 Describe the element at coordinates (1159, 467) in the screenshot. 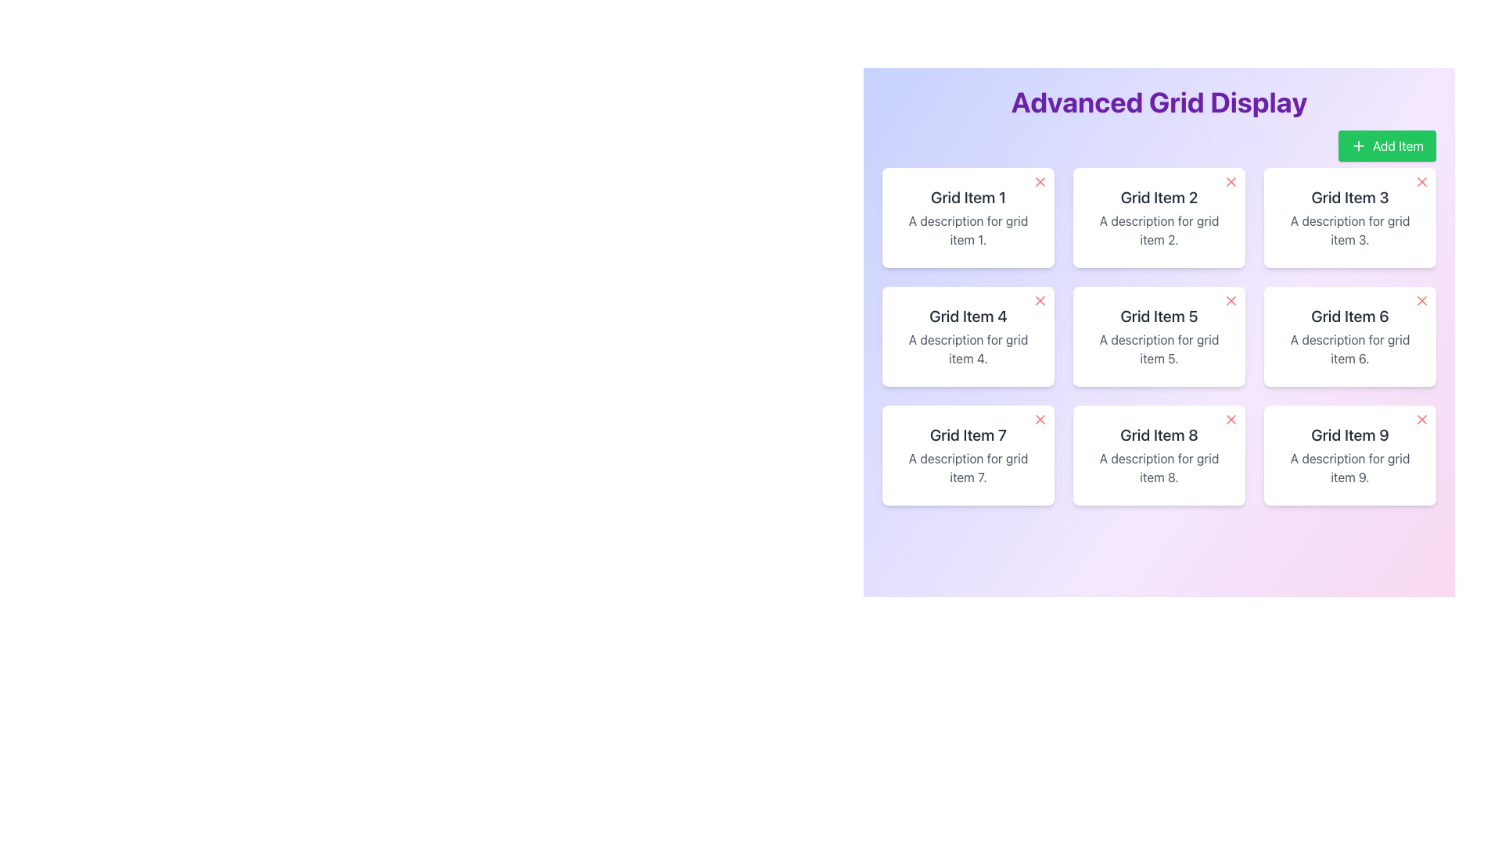

I see `static text label that displays 'A description for grid item 8.' located beneath the title 'Grid Item 8' in the white card of the grid item card labeled 'Grid Item 8'` at that location.